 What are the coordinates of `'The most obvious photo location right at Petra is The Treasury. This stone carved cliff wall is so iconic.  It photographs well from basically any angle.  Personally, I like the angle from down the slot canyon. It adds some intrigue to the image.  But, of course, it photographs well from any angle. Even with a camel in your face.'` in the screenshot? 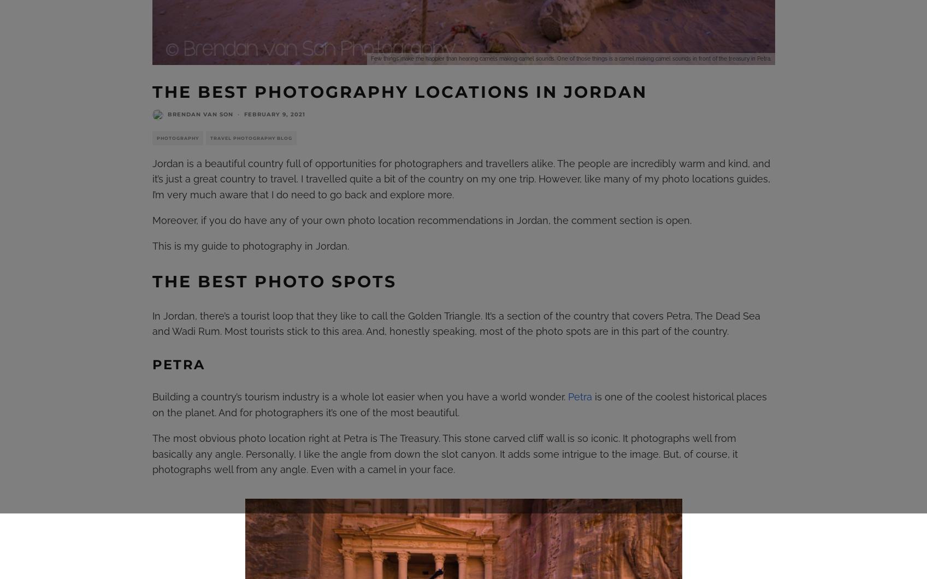 It's located at (151, 453).